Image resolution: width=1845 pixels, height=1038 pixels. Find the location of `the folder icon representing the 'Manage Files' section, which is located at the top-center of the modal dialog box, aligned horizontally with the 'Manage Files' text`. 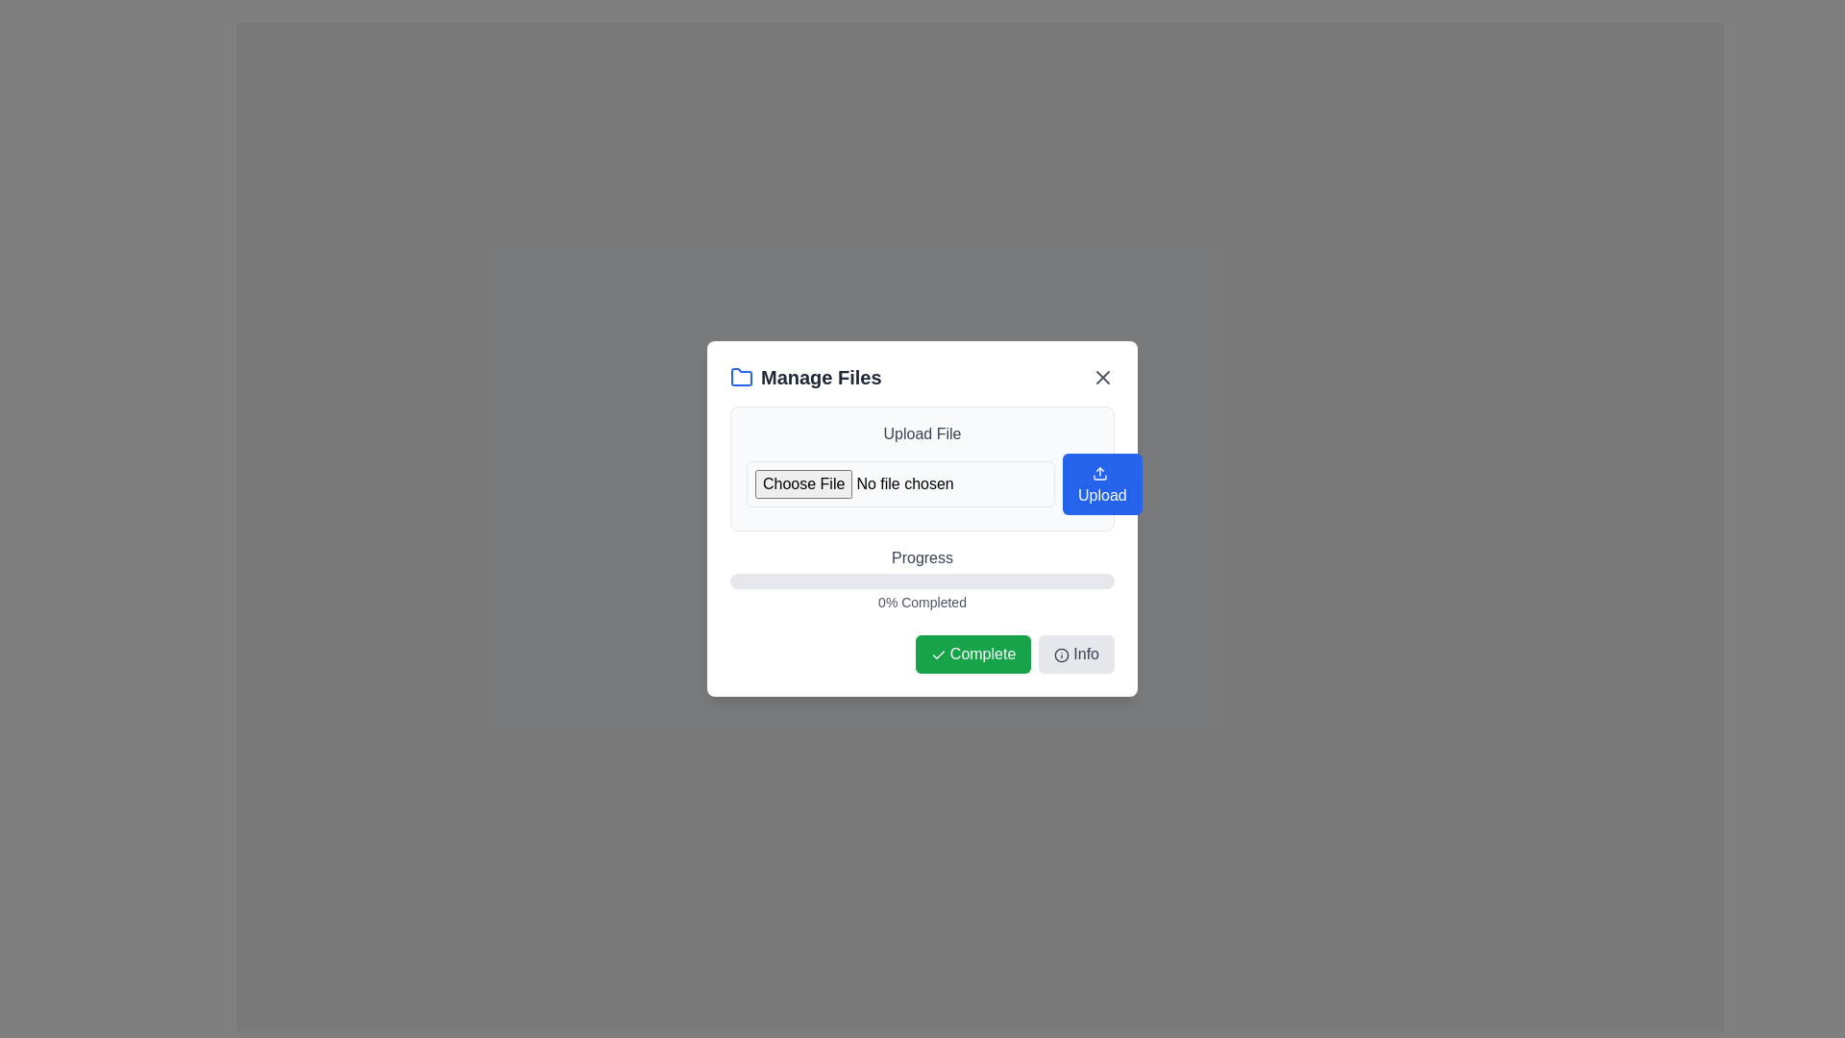

the folder icon representing the 'Manage Files' section, which is located at the top-center of the modal dialog box, aligned horizontally with the 'Manage Files' text is located at coordinates (741, 378).